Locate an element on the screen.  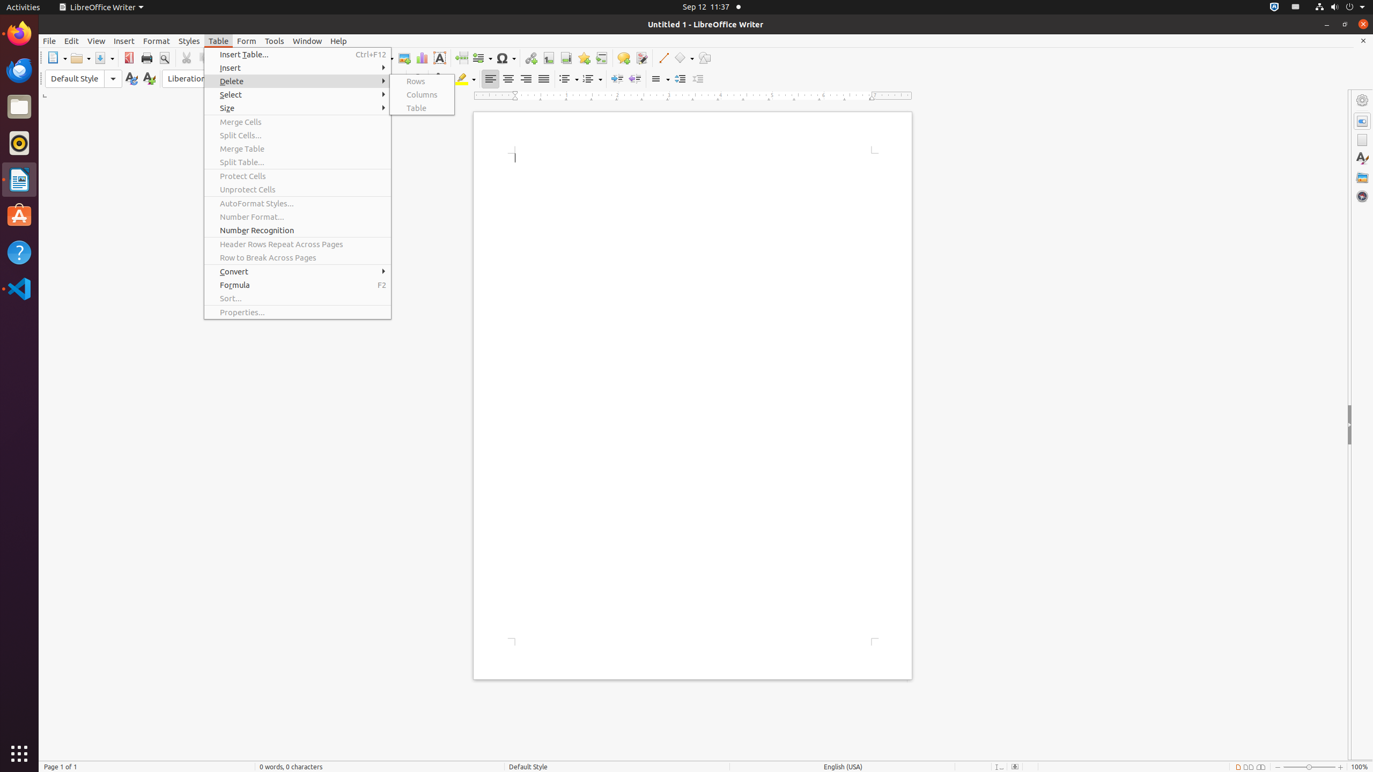
'Basic Shapes' is located at coordinates (683, 57).